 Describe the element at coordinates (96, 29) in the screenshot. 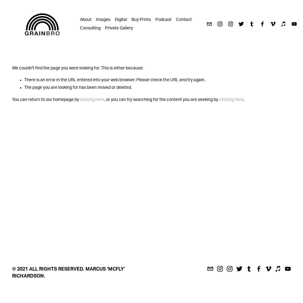

I see `'Archive'` at that location.